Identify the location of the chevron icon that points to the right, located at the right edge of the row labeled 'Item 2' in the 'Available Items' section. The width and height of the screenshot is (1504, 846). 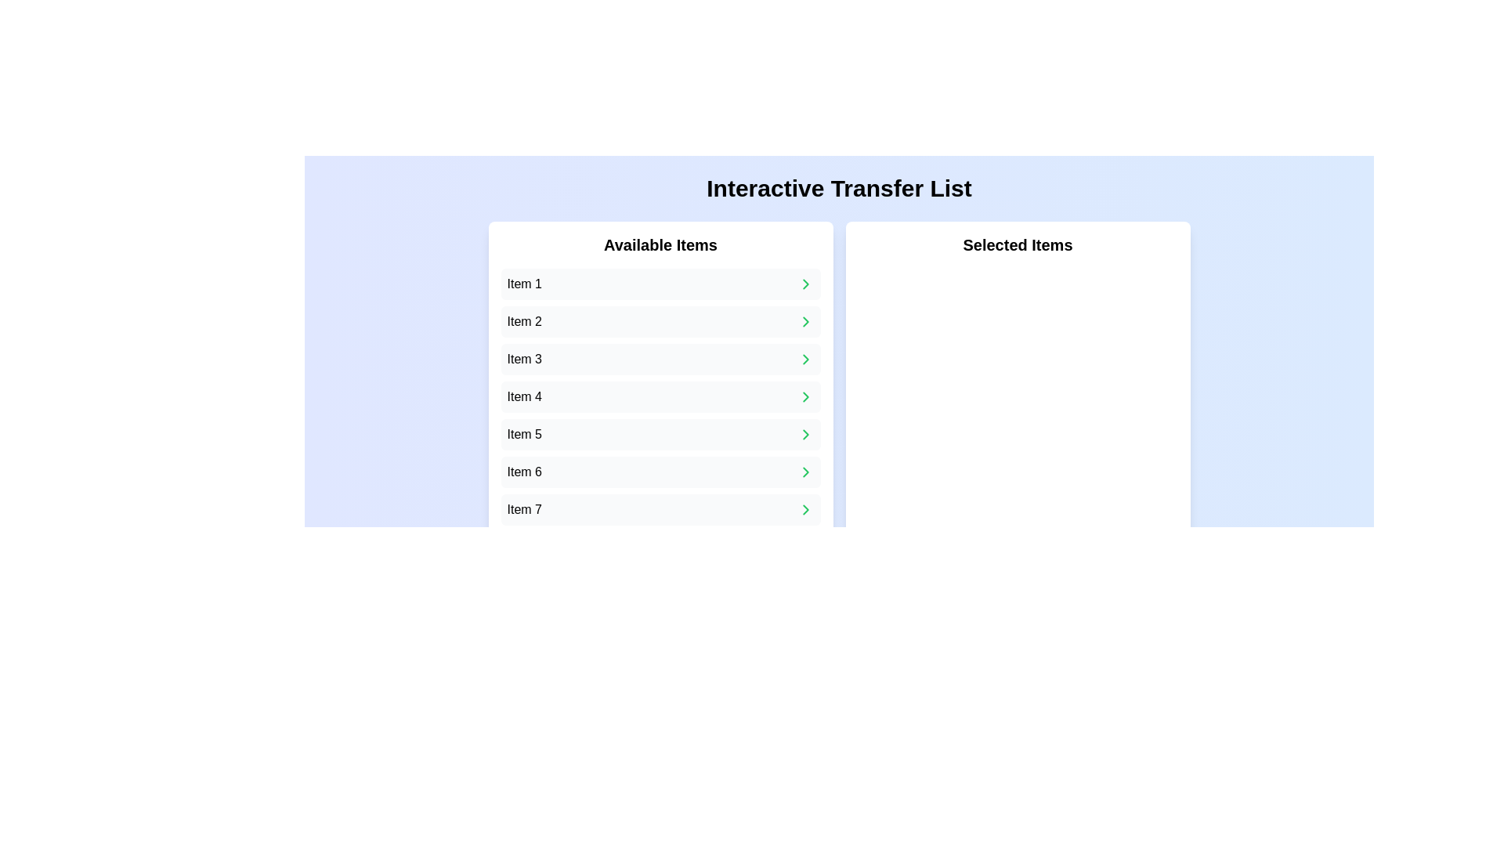
(805, 284).